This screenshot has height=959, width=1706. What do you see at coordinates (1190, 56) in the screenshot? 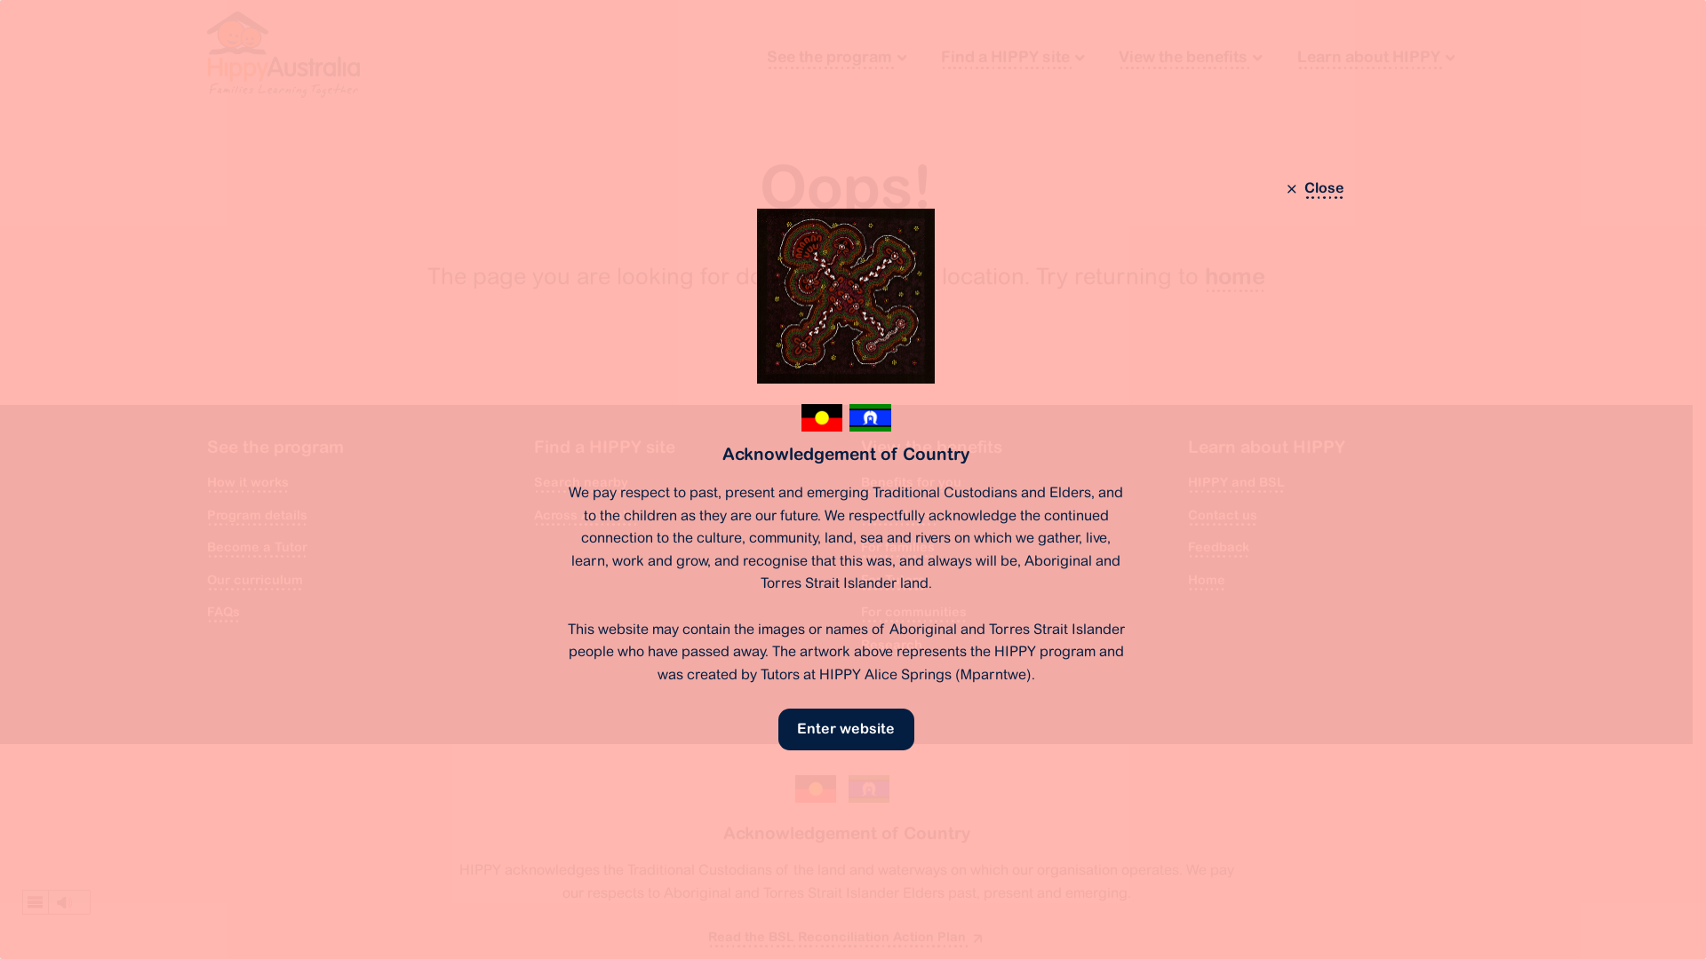
I see `'View the benefits'` at bounding box center [1190, 56].